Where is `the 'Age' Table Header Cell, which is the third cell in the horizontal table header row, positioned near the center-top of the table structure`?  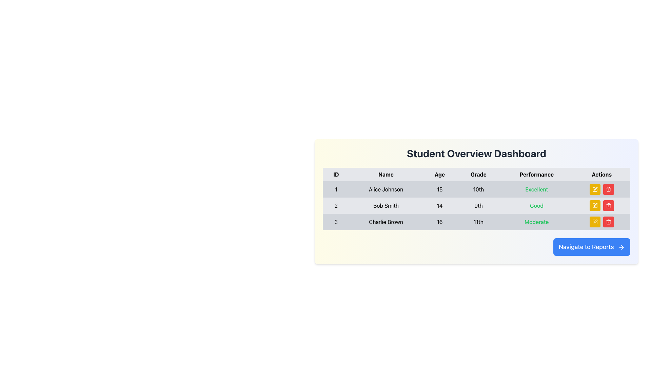
the 'Age' Table Header Cell, which is the third cell in the horizontal table header row, positioned near the center-top of the table structure is located at coordinates (439, 174).